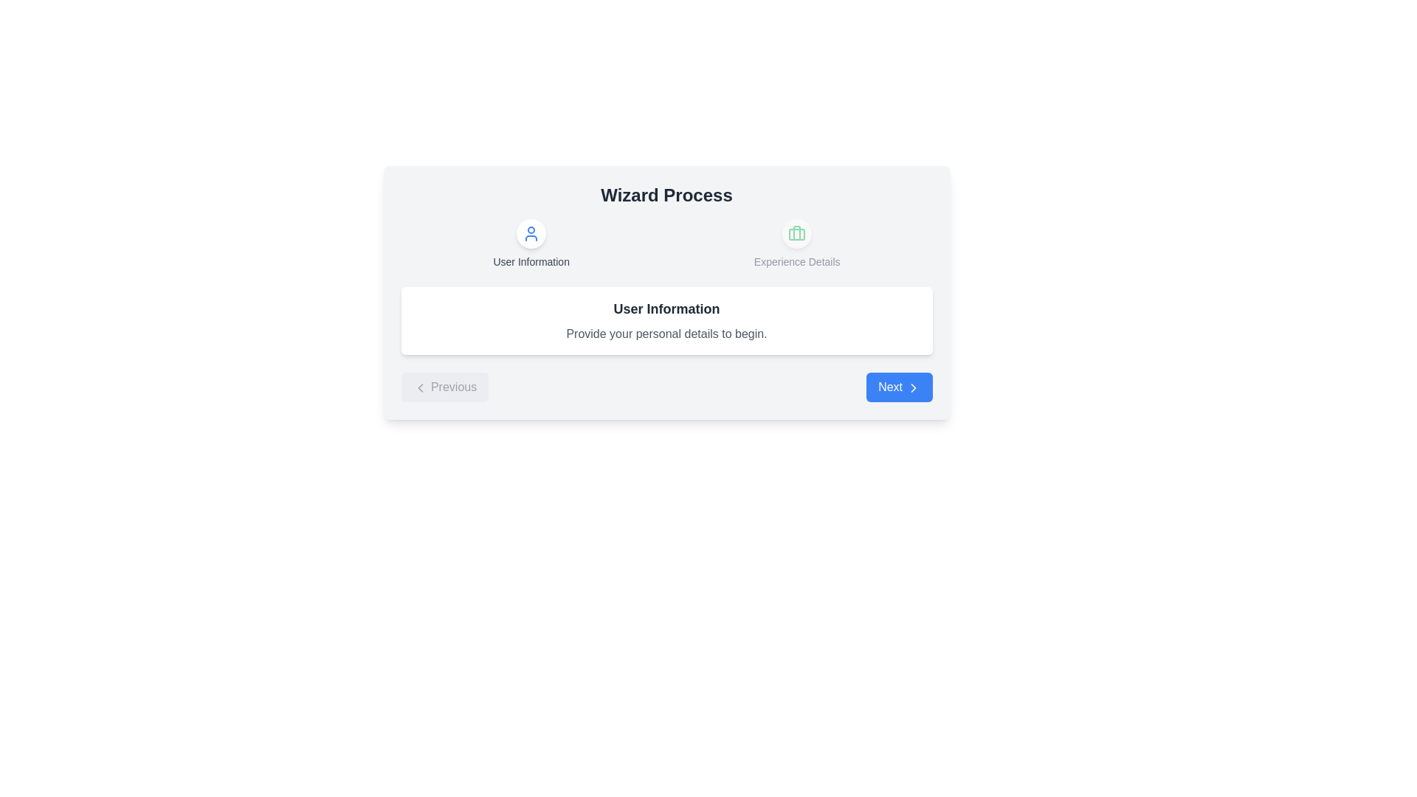 This screenshot has height=797, width=1417. Describe the element at coordinates (666, 320) in the screenshot. I see `informational panel titled 'User Information' that provides instructions to 'Provide your personal details to begin.'` at that location.